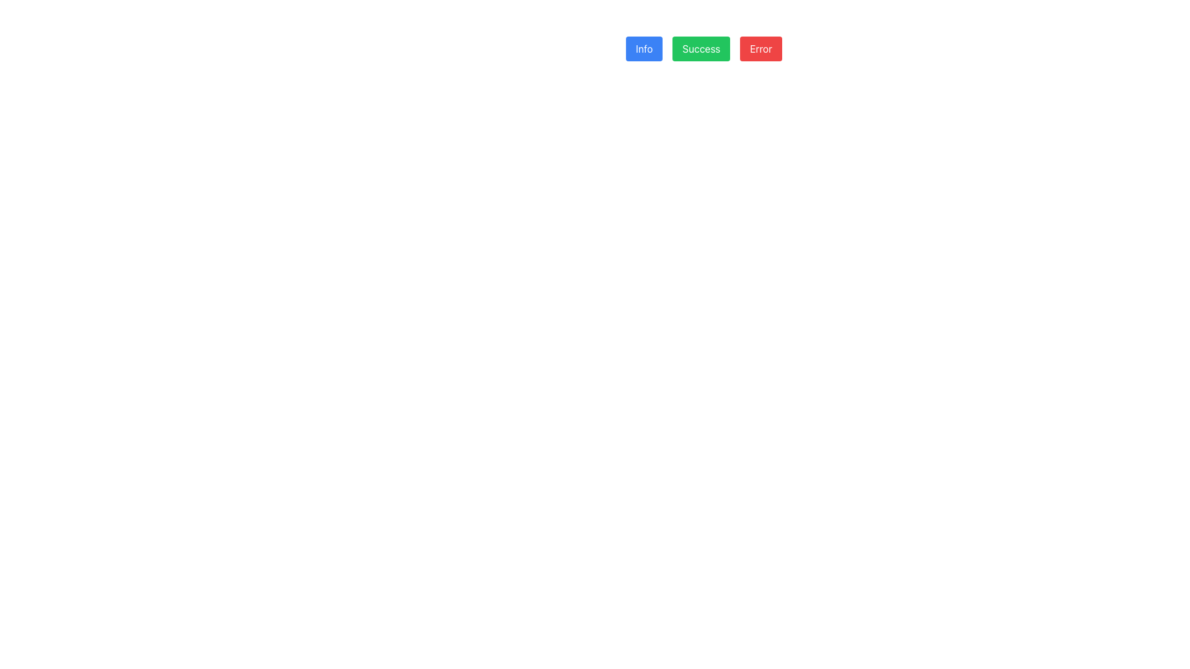 This screenshot has height=669, width=1190. I want to click on the 'Error' button, which is the rightmost button in a group of three, so click(760, 48).